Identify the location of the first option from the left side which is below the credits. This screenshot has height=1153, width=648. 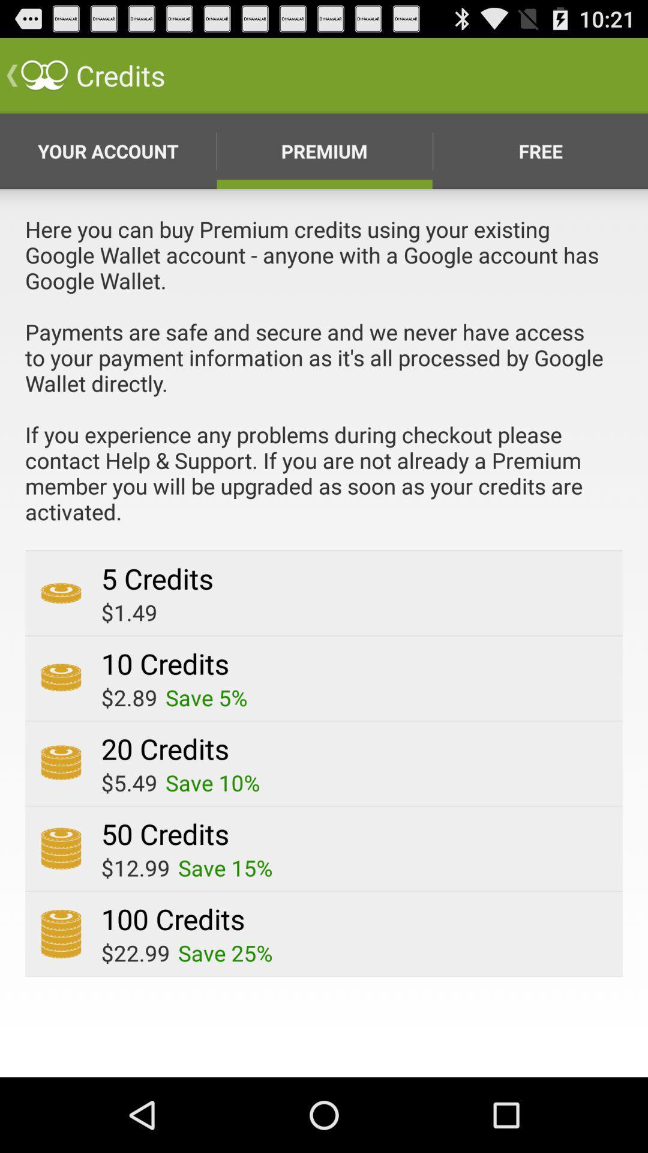
(109, 151).